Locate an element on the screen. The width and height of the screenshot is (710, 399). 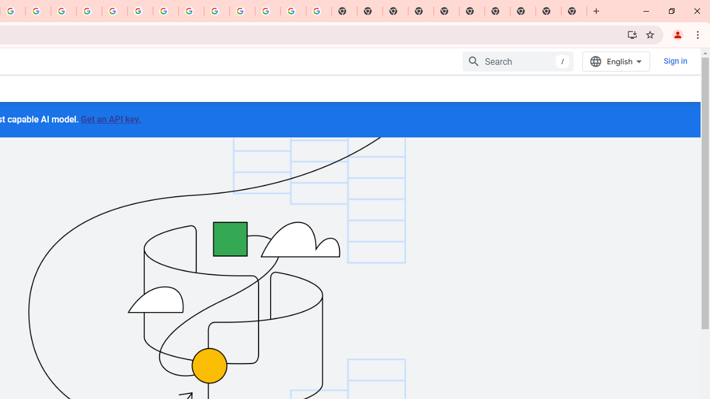
'Google Images' is located at coordinates (318, 11).